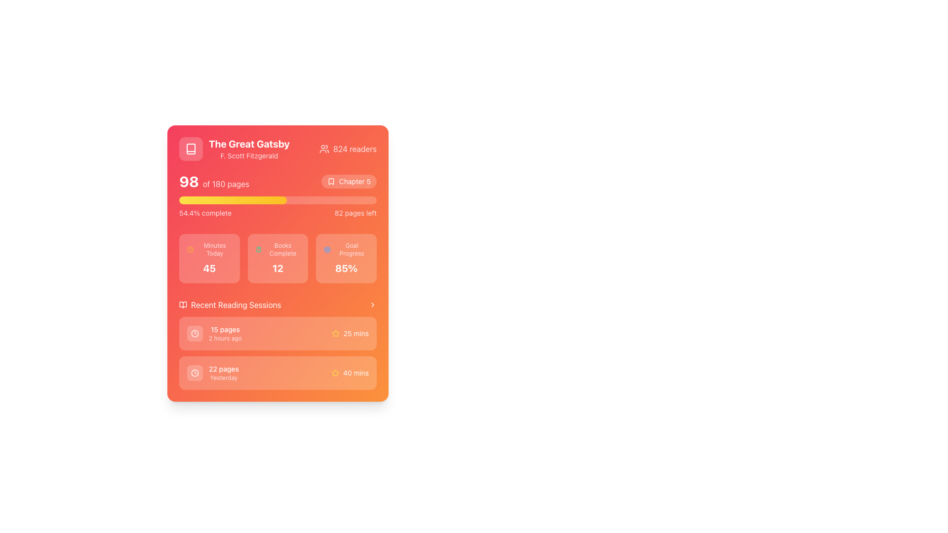 This screenshot has width=948, height=533. I want to click on the golden amber star-shaped icon located next to the label '40 mins' in the 'Recent Reading Sessions' section, positioned in the second row, so click(335, 373).